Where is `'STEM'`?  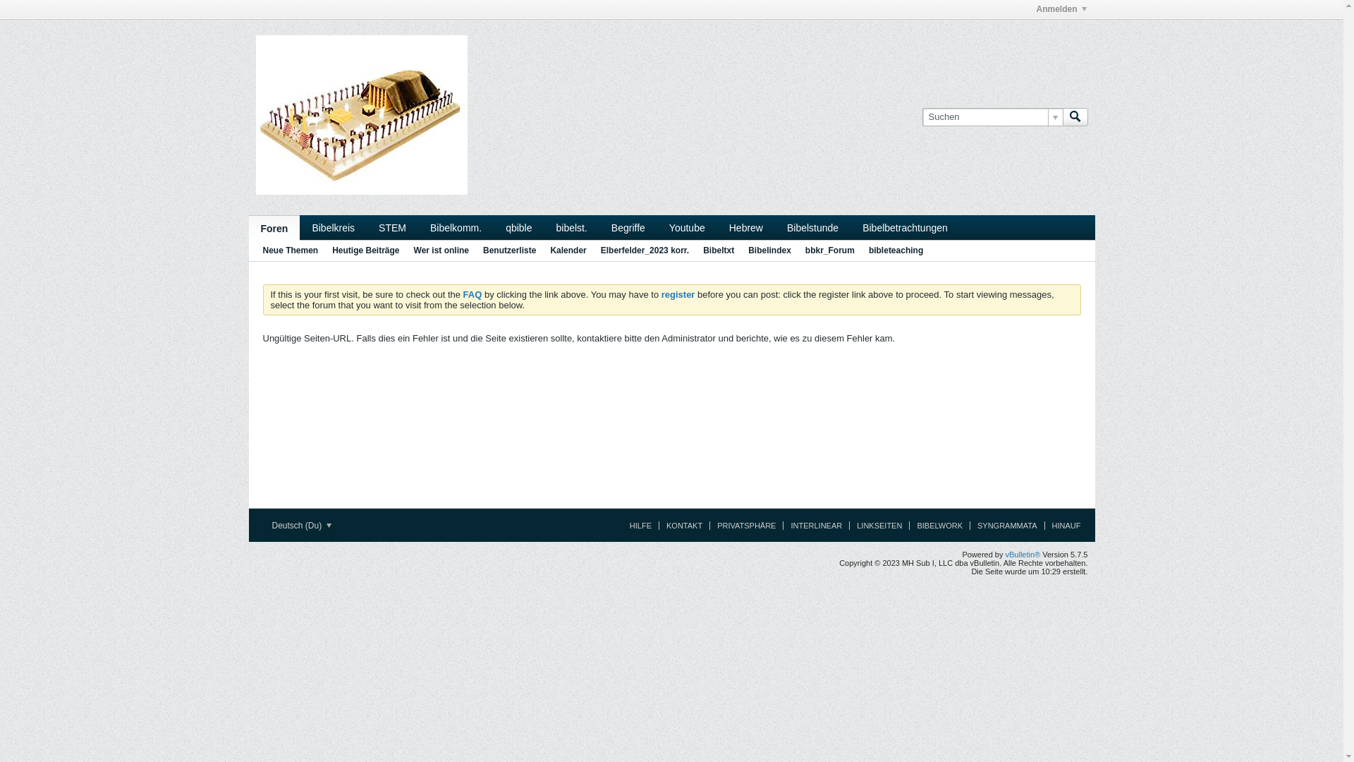
'STEM' is located at coordinates (392, 226).